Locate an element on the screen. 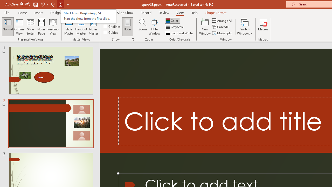  'Zoom...' is located at coordinates (142, 27).